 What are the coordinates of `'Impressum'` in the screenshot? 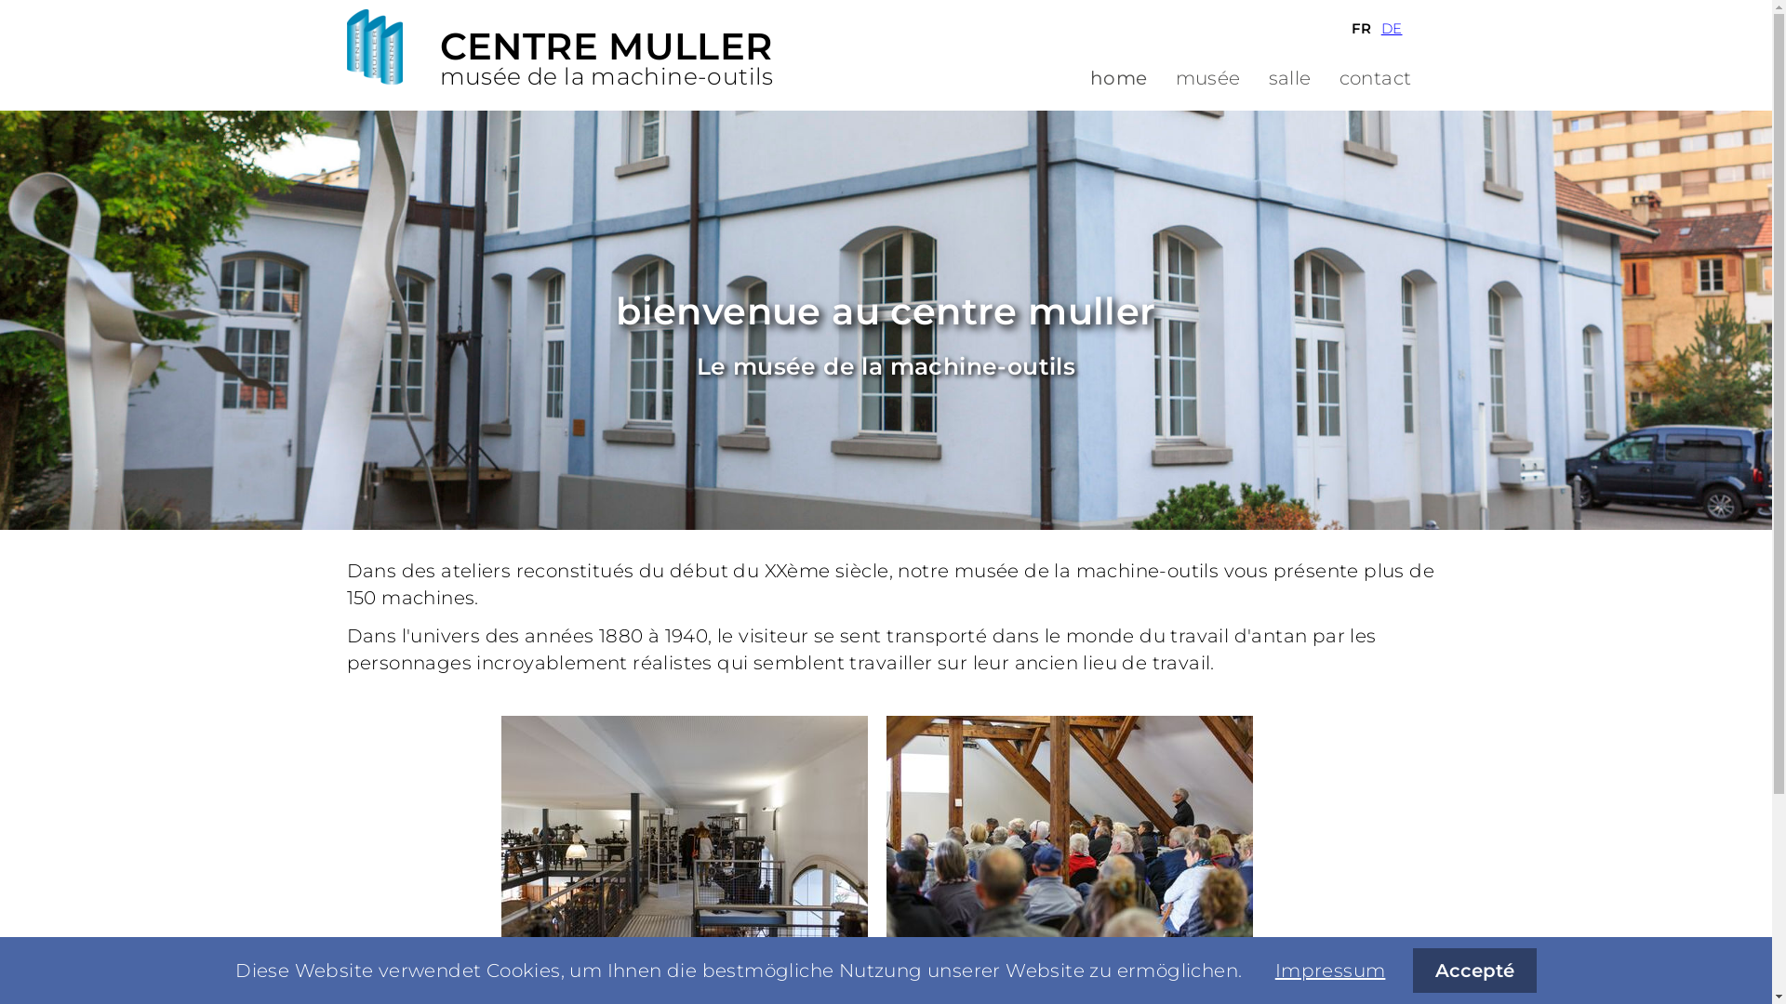 It's located at (1329, 970).